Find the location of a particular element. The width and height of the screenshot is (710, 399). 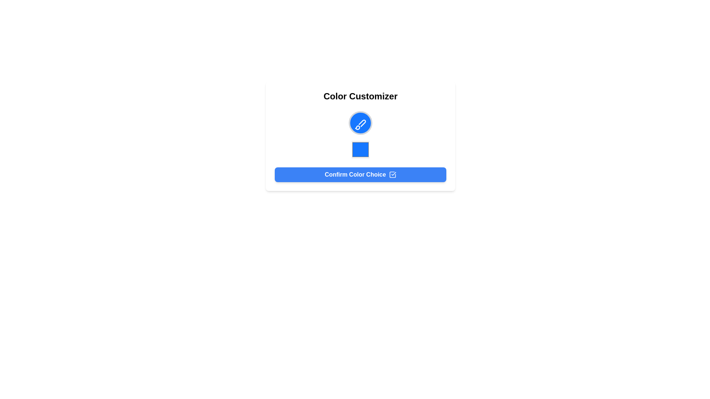

the paintbrush icon located at the center of the 'Color Customizer' modal, which is distinguished by a white outline against a vibrant blue circular background is located at coordinates (360, 124).